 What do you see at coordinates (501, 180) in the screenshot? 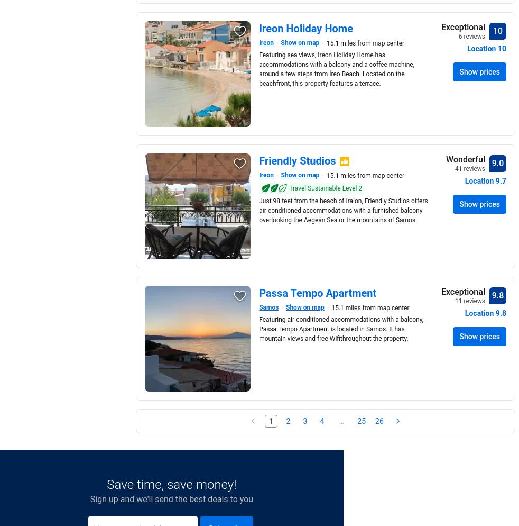
I see `'9.7'` at bounding box center [501, 180].